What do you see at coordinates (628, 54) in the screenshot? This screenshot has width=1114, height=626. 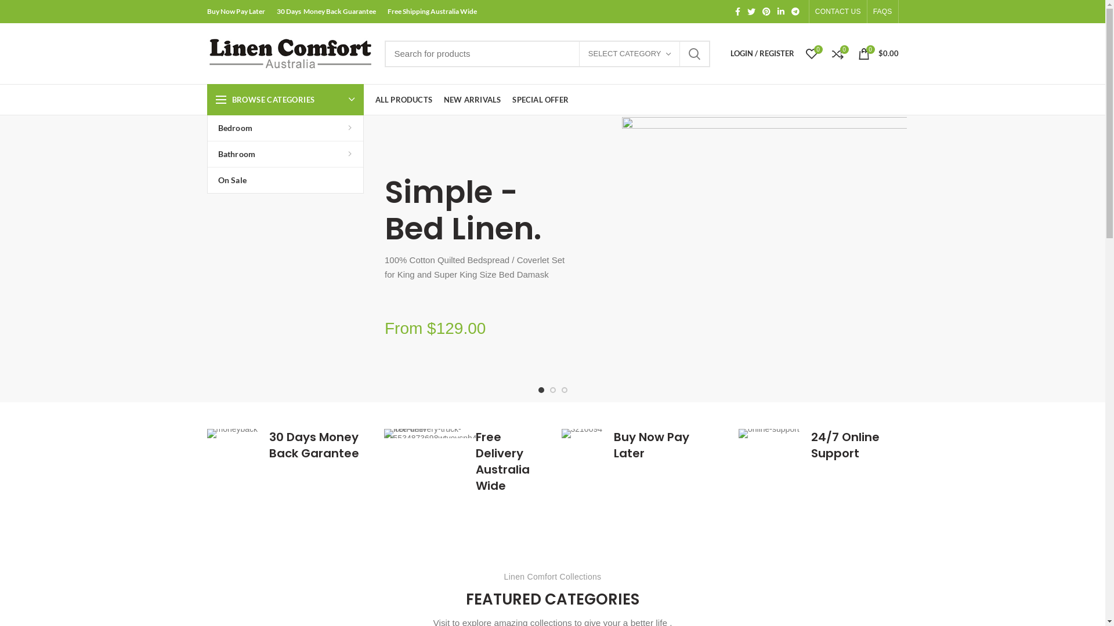 I see `'SELECT CATEGORY'` at bounding box center [628, 54].